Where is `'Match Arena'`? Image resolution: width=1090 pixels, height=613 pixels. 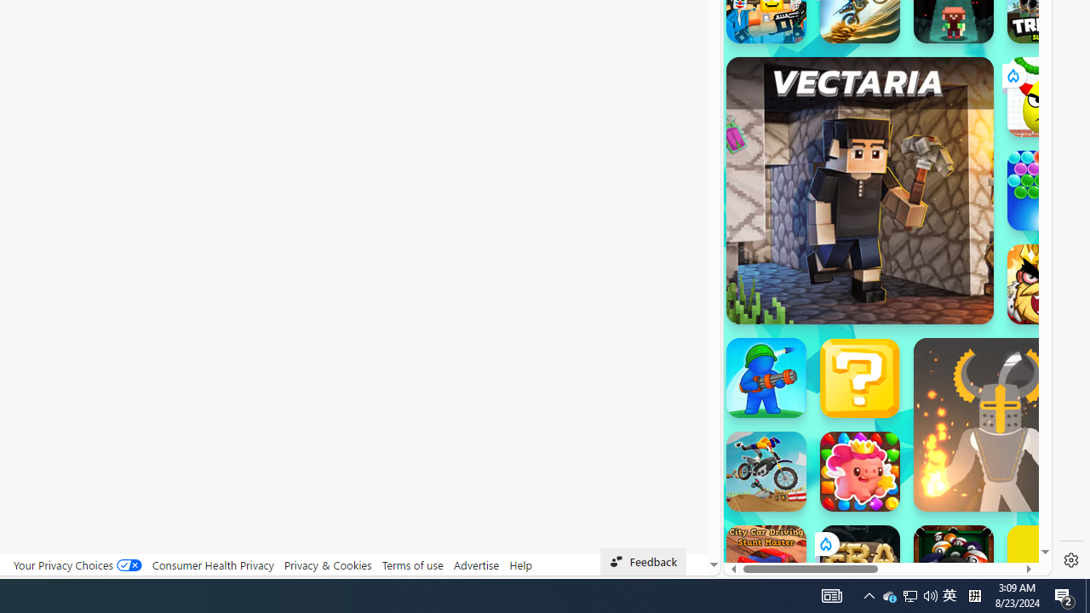 'Match Arena' is located at coordinates (859, 472).